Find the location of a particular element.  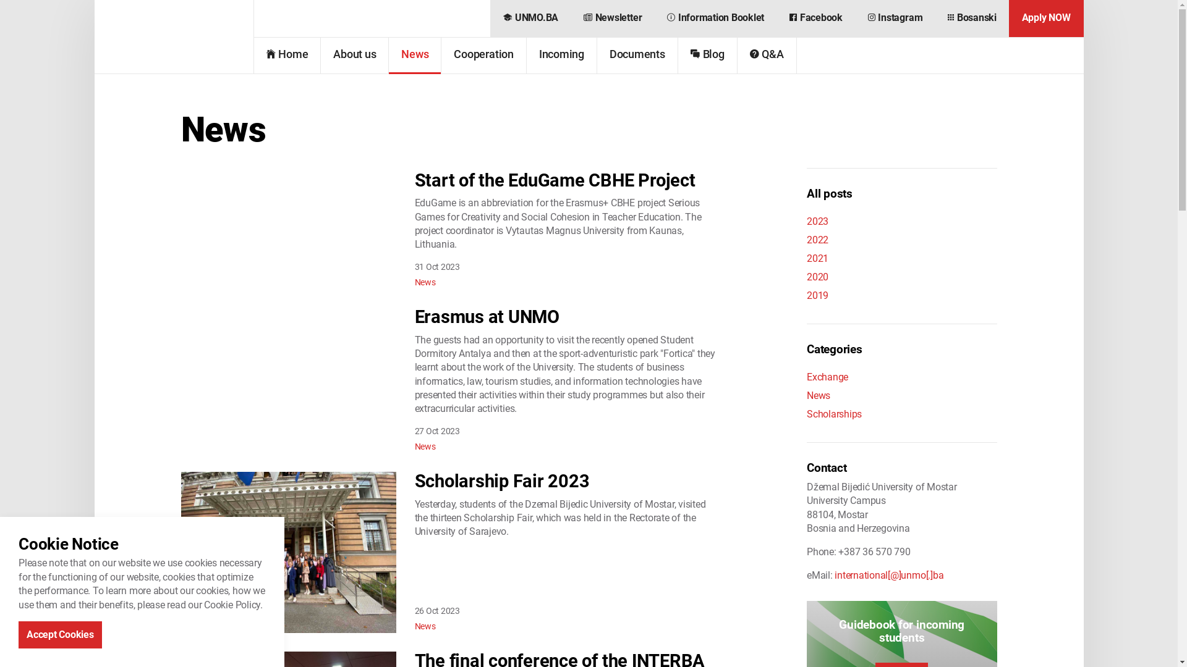

'Instagram' is located at coordinates (895, 19).